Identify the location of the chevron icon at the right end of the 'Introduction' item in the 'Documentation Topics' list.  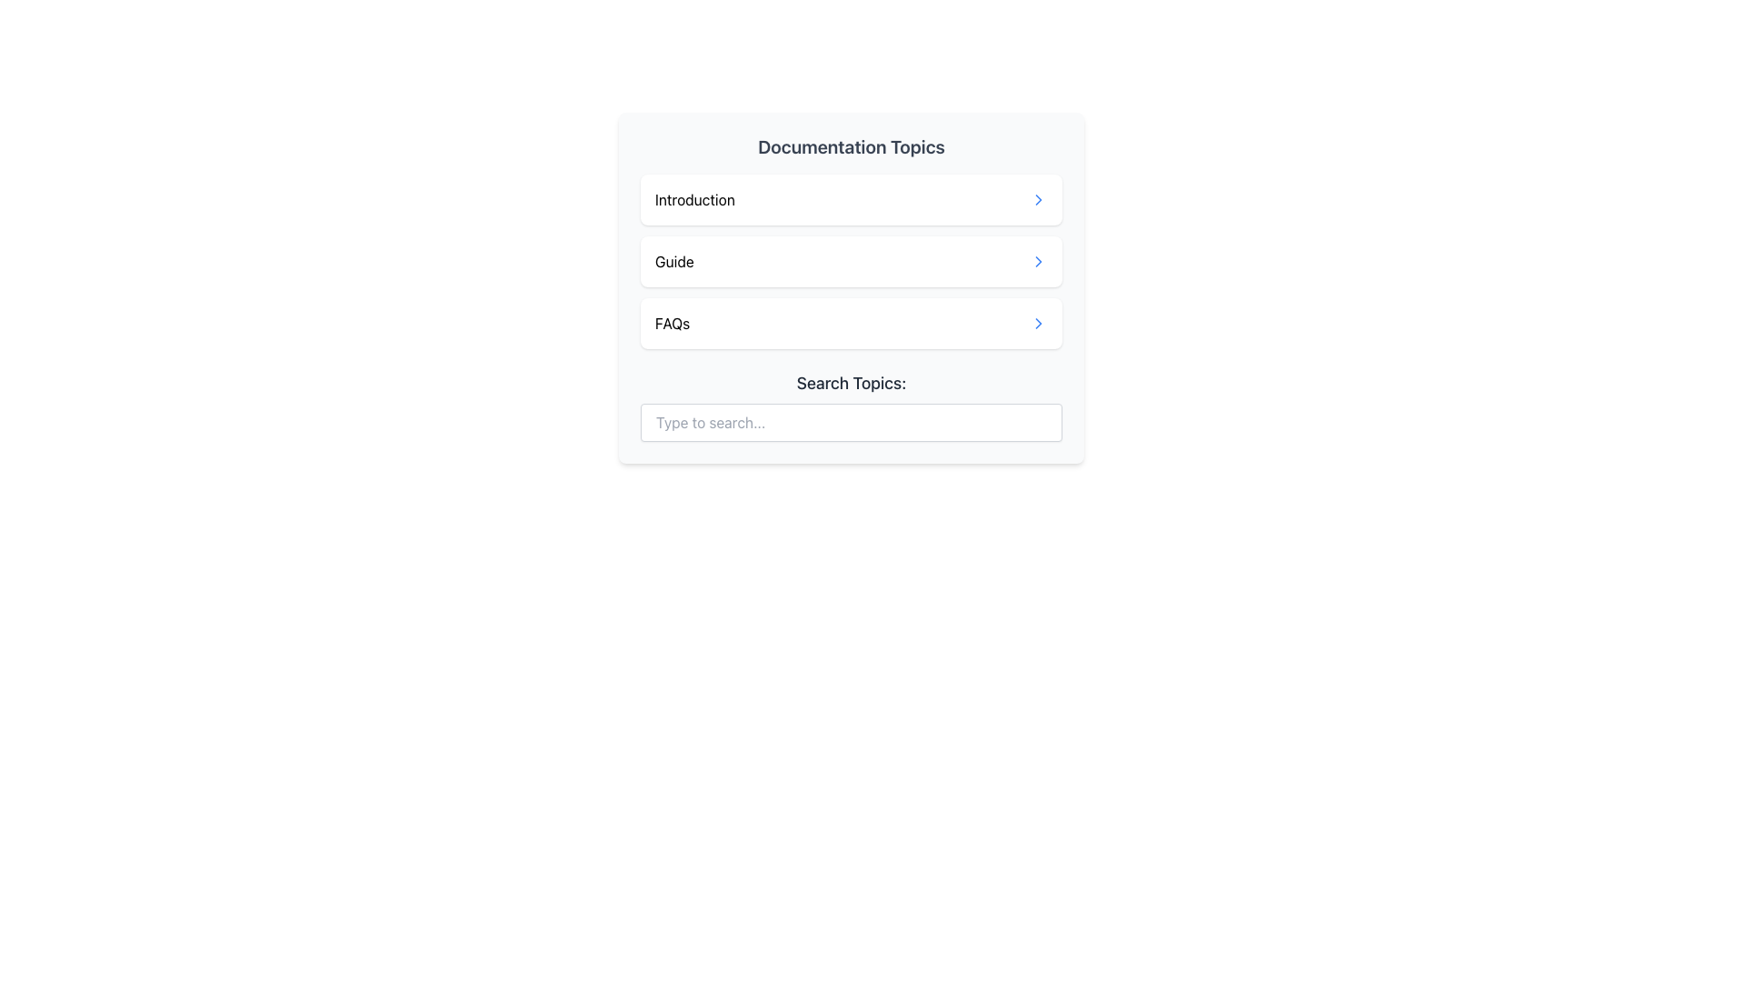
(1038, 199).